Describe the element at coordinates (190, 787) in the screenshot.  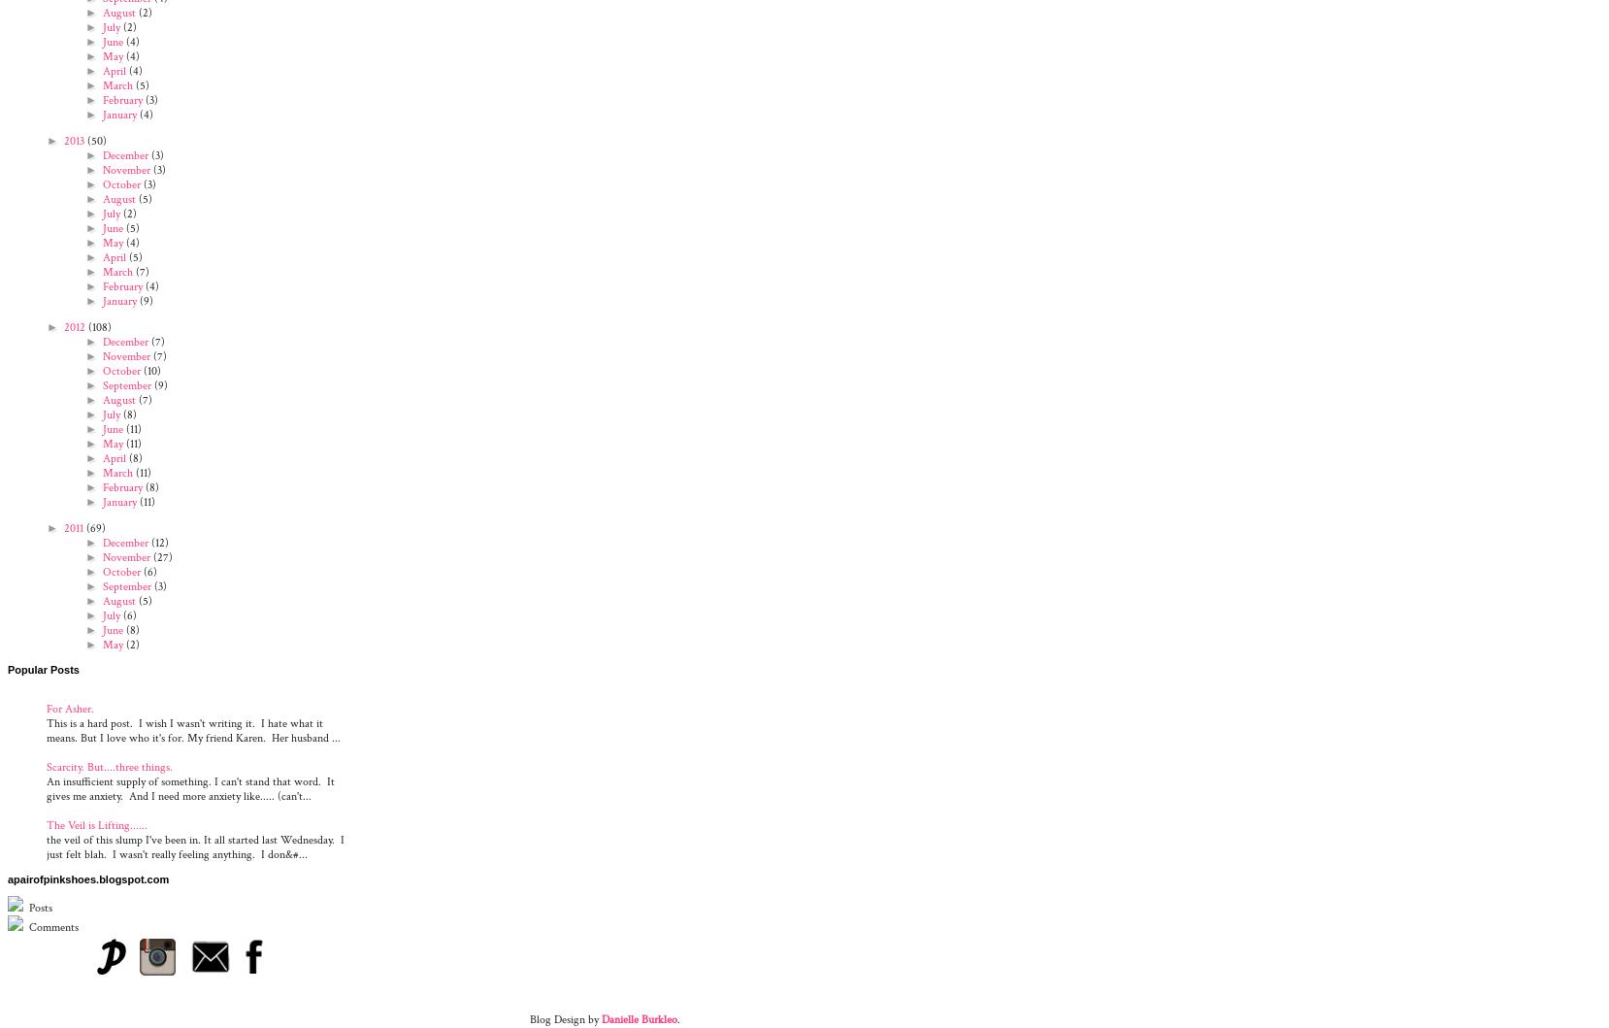
I see `'An insufficient supply of something.      I can't stand that word.  It gives me anxiety.  And I need more anxiety like.....   (can't...'` at that location.